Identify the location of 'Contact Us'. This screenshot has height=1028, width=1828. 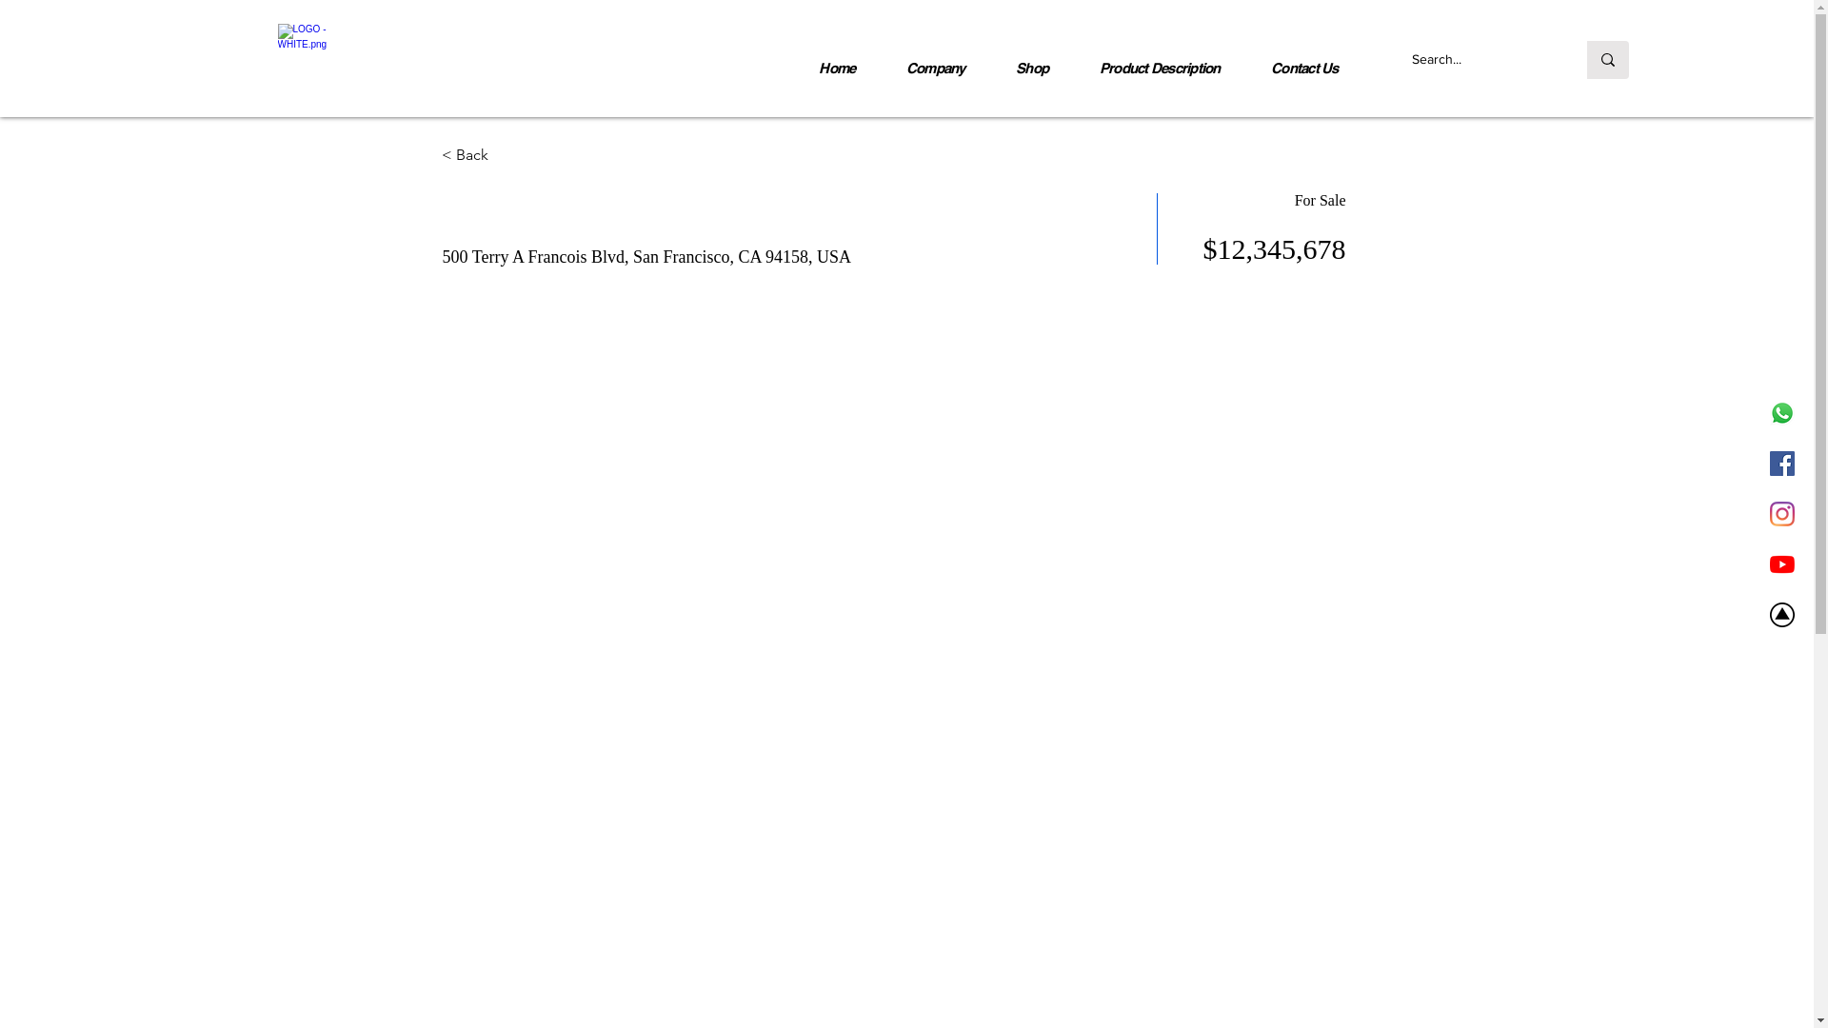
(1302, 67).